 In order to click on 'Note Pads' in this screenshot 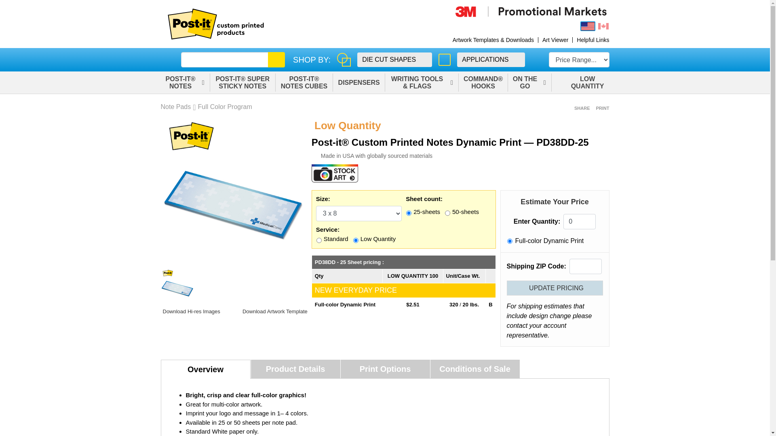, I will do `click(175, 107)`.